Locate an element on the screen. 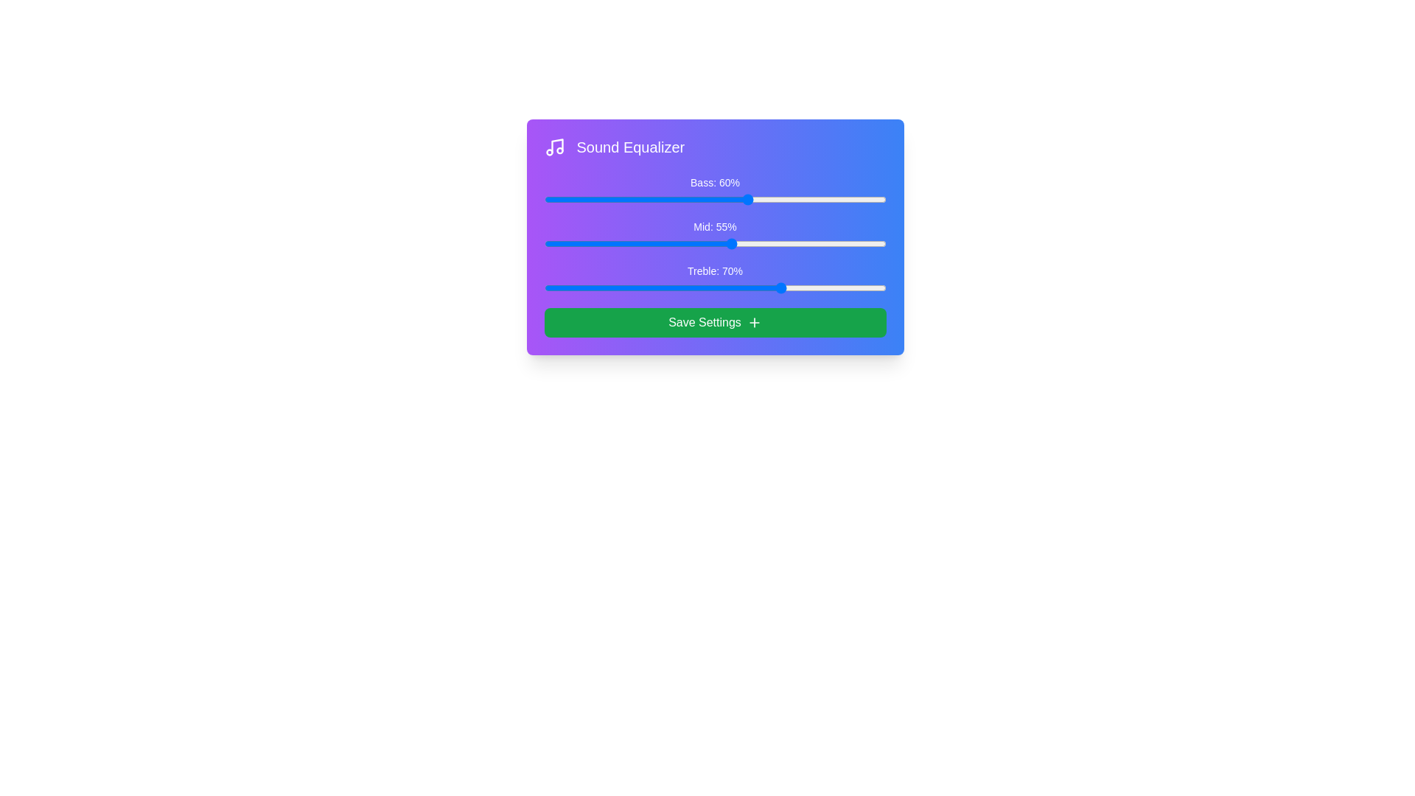 This screenshot has height=796, width=1415. the Treble slider to 95% is located at coordinates (869, 287).